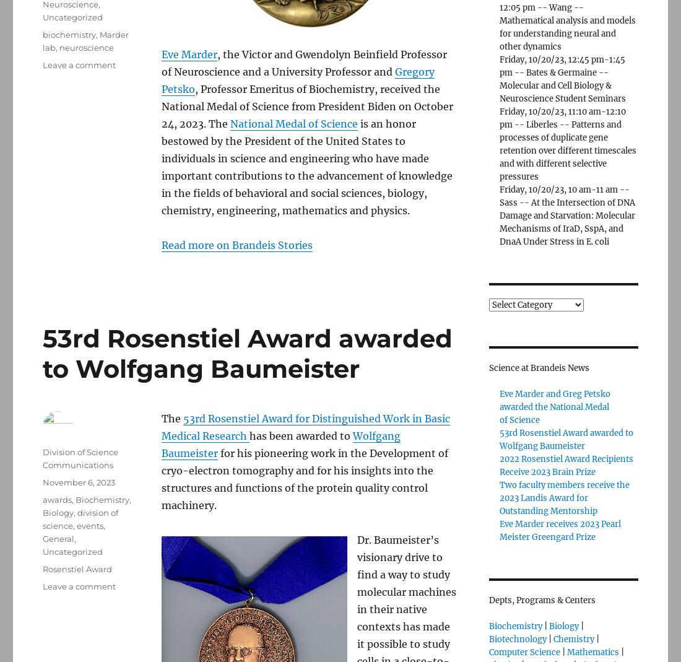 This screenshot has width=681, height=662. What do you see at coordinates (237, 245) in the screenshot?
I see `'Read more on Brandeis Stories'` at bounding box center [237, 245].